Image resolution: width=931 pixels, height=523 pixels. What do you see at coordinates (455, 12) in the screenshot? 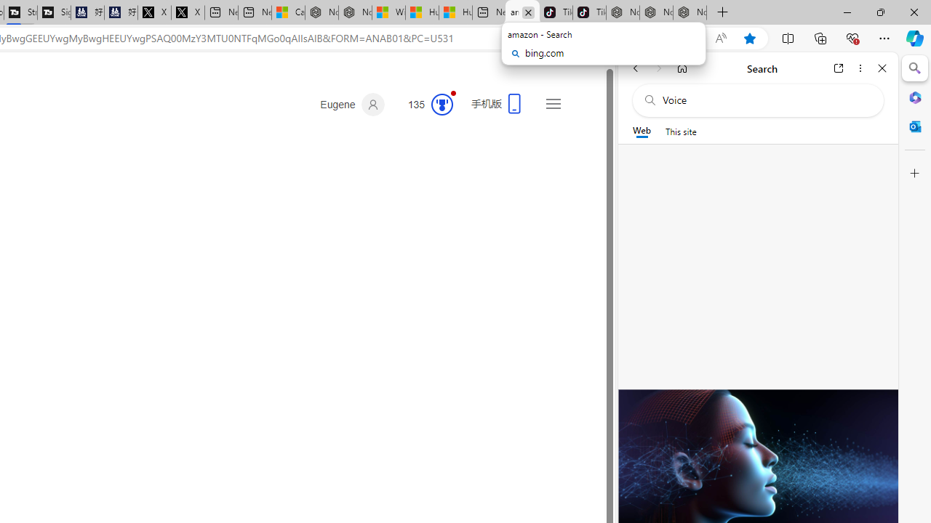
I see `'Huge shark washes ashore at New York City beach | Watch'` at bounding box center [455, 12].